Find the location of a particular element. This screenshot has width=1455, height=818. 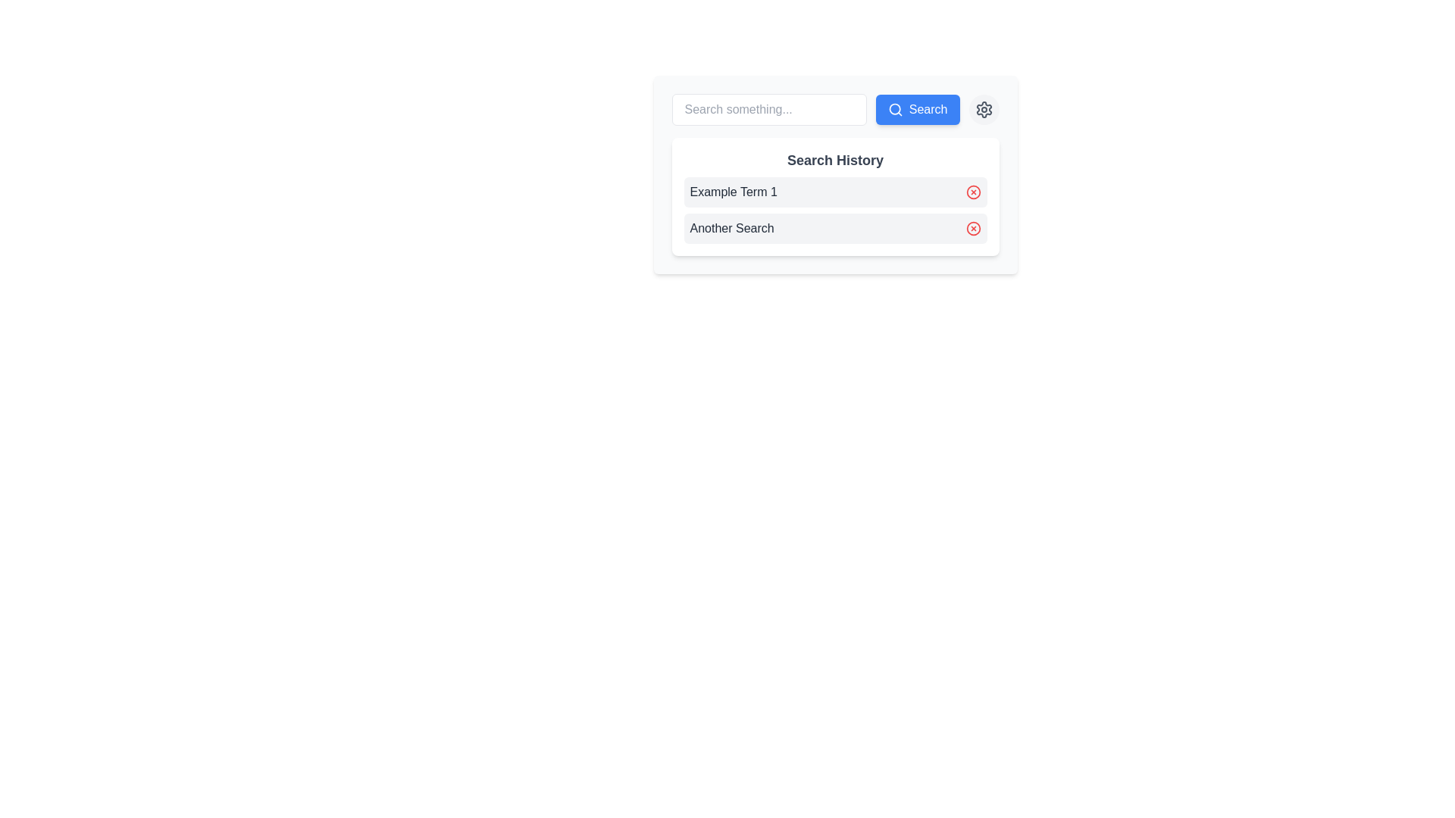

text label displaying 'Search History' located at the top of the card-like section is located at coordinates (834, 161).